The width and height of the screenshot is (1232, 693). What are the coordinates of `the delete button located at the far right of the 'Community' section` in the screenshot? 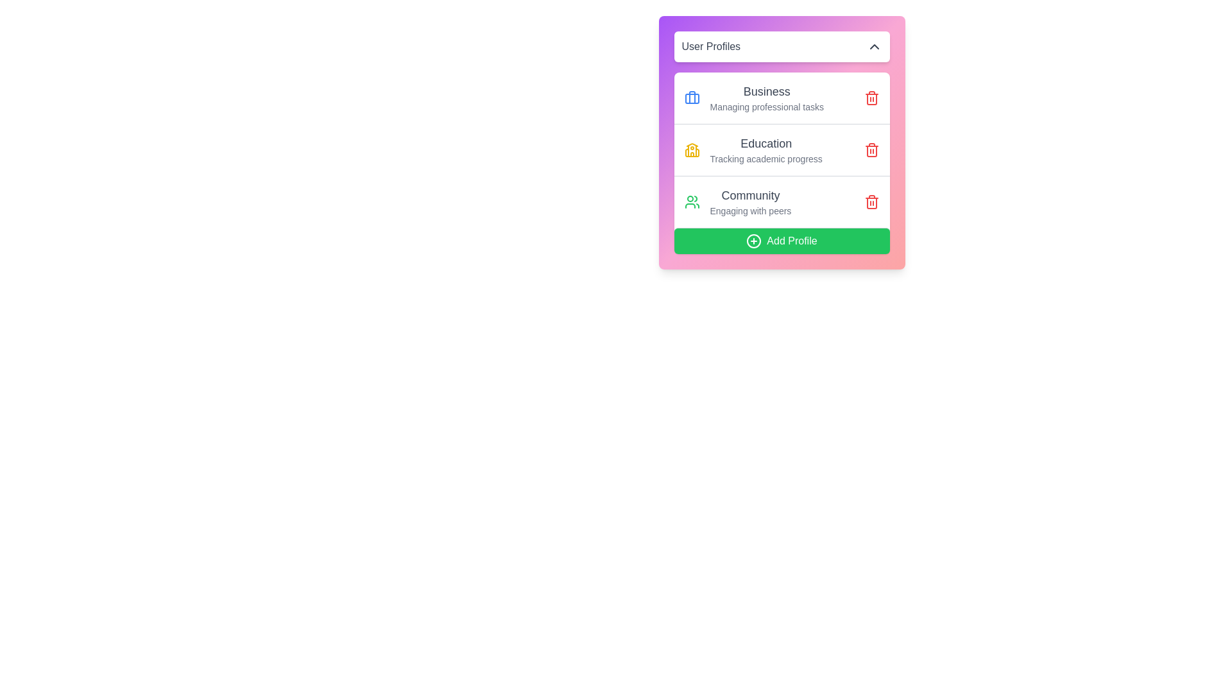 It's located at (871, 202).